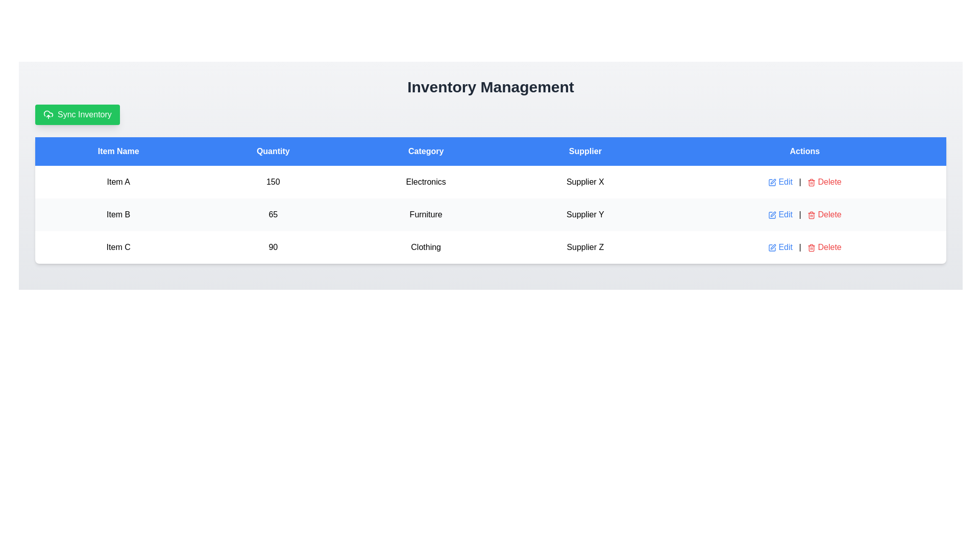  I want to click on the column header labeled 'Actions', which has a blue background and white centered text, located at the far right of the table's header row, so click(804, 152).